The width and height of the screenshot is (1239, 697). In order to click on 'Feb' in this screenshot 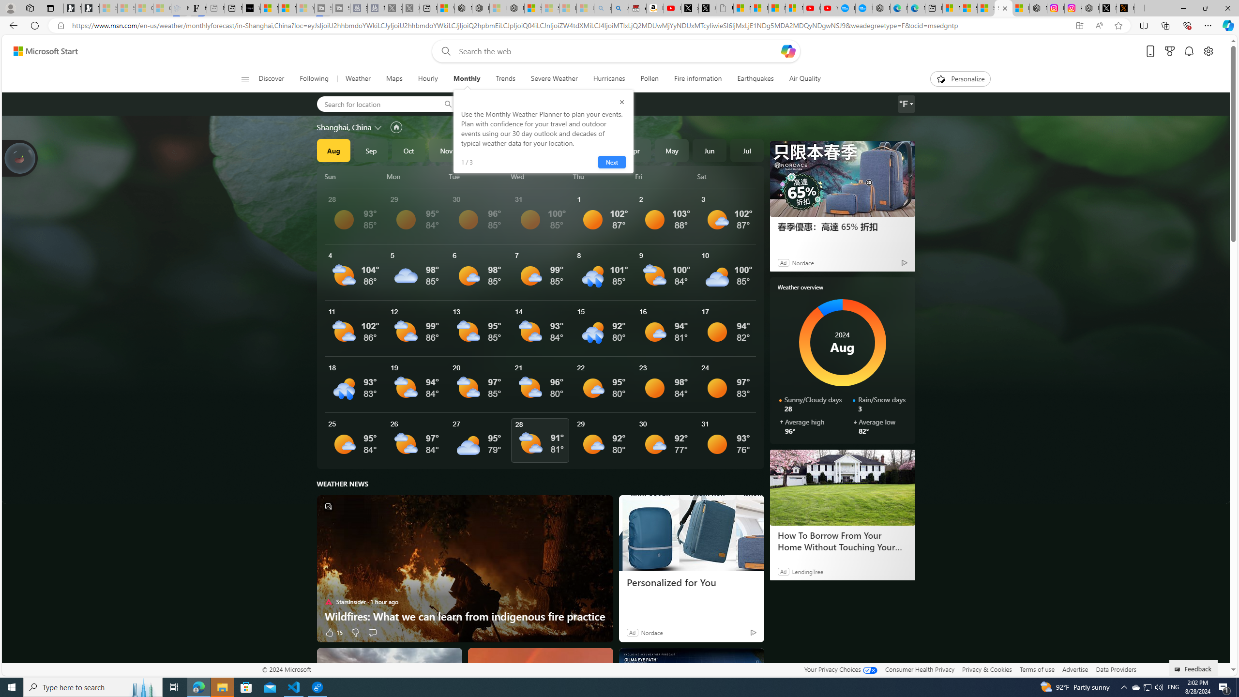, I will do `click(559, 150)`.